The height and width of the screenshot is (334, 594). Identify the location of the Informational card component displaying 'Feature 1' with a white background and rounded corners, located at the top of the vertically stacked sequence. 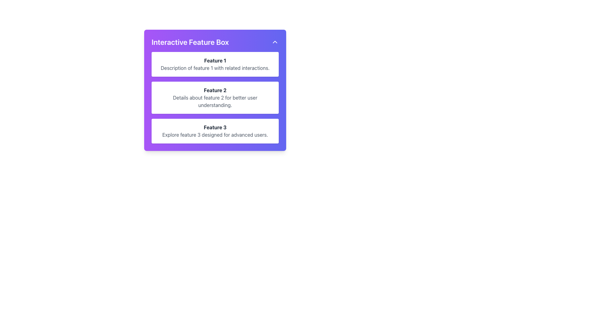
(215, 64).